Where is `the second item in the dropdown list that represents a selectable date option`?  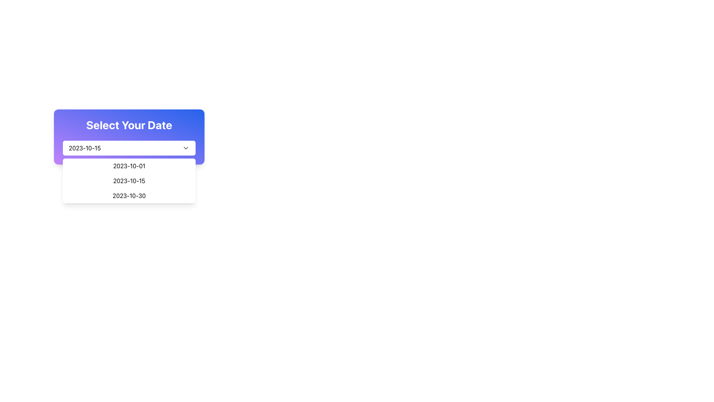 the second item in the dropdown list that represents a selectable date option is located at coordinates (129, 181).